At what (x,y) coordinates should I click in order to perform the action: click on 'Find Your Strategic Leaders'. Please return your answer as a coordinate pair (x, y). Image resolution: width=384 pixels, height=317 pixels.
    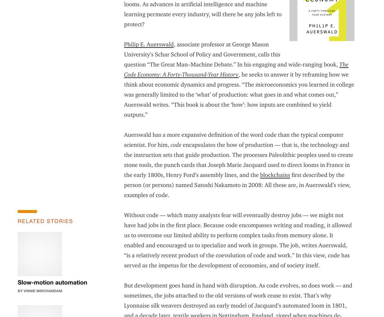
    Looking at the image, I should click on (67, 14).